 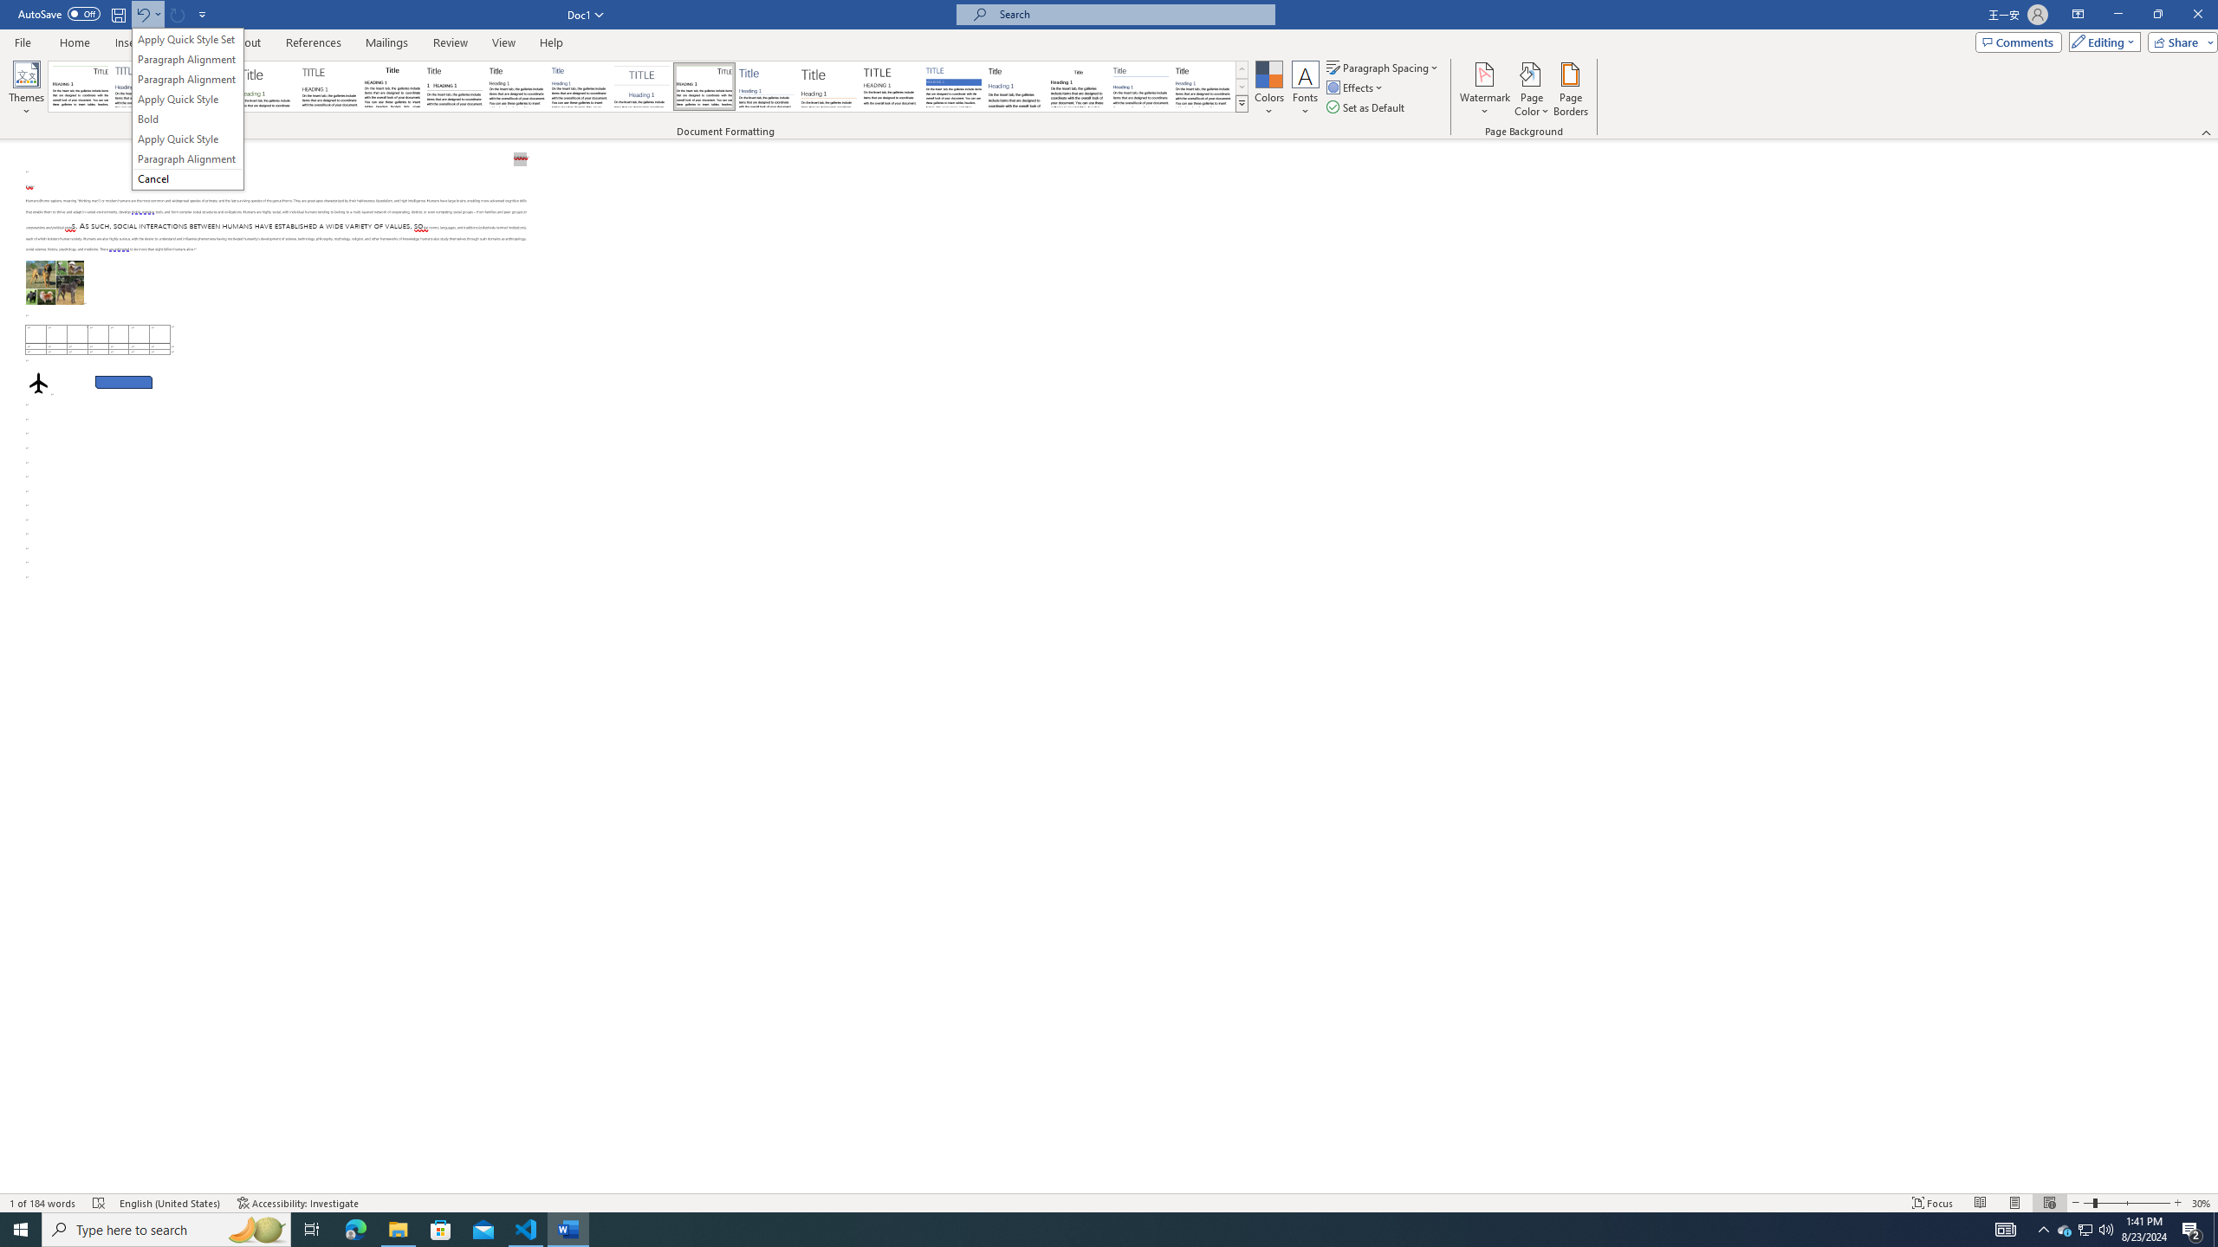 What do you see at coordinates (829, 86) in the screenshot?
I see `'Lines (Stylish)'` at bounding box center [829, 86].